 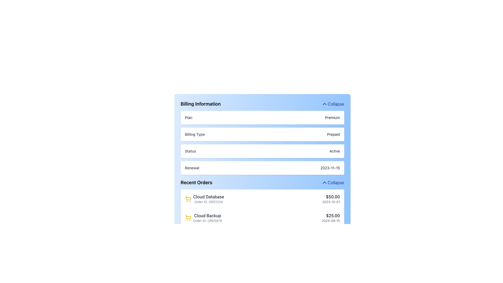 I want to click on the shopping cart icon located in the bottom section of the page under the 'Recent Orders' header, positioned next to the first order entry, so click(x=188, y=217).